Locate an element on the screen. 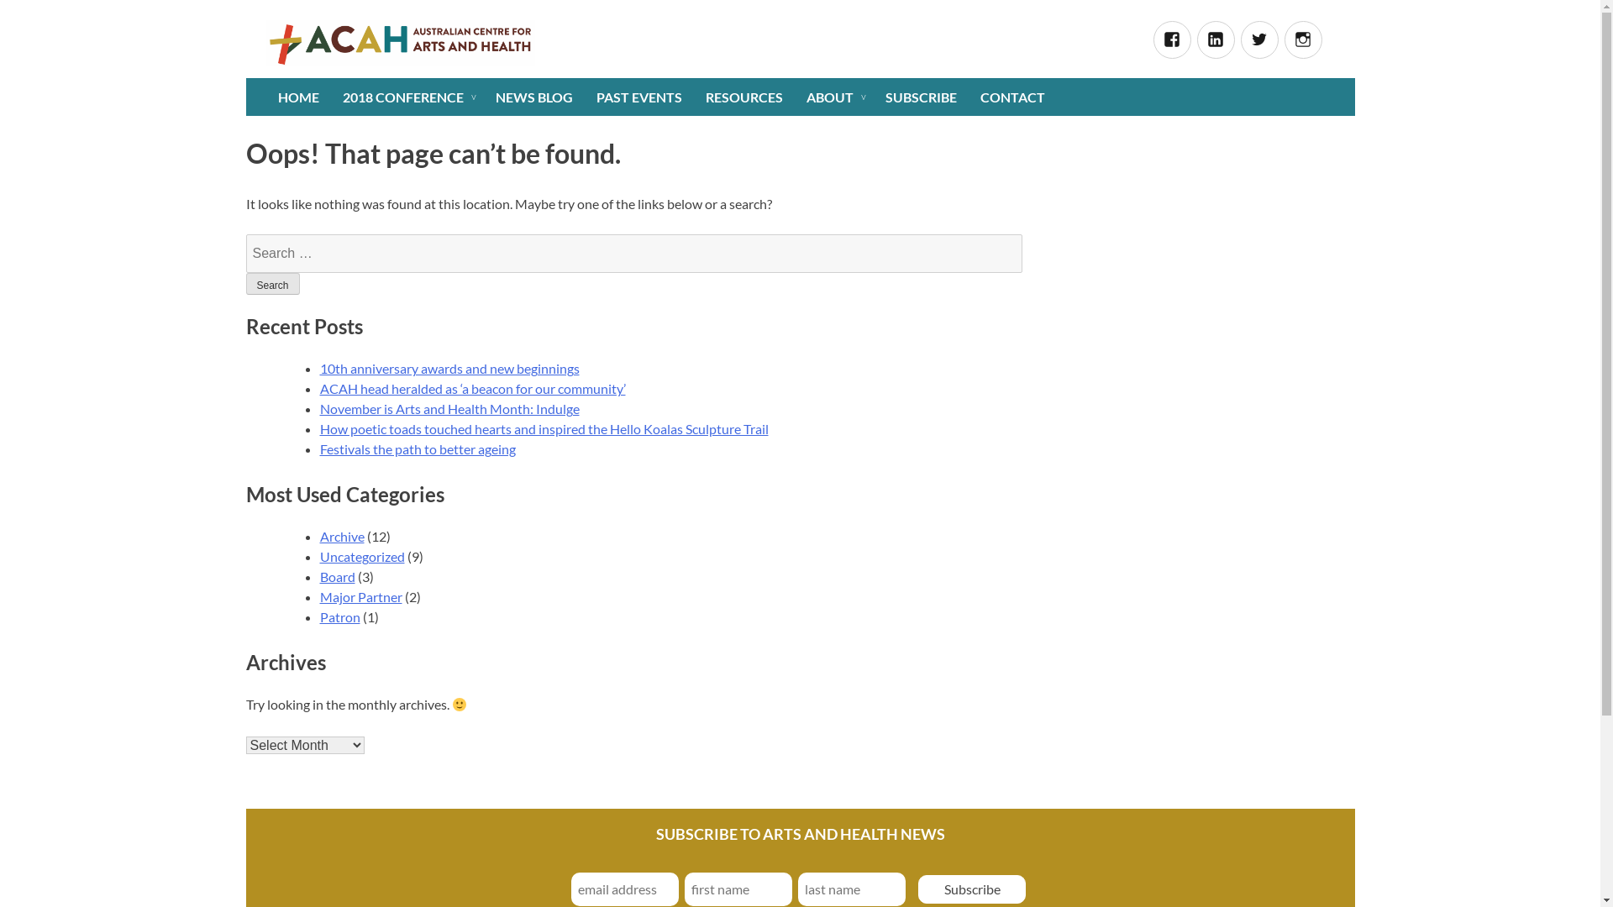 This screenshot has width=1613, height=907. 'PAST EVENTS' is located at coordinates (638, 97).